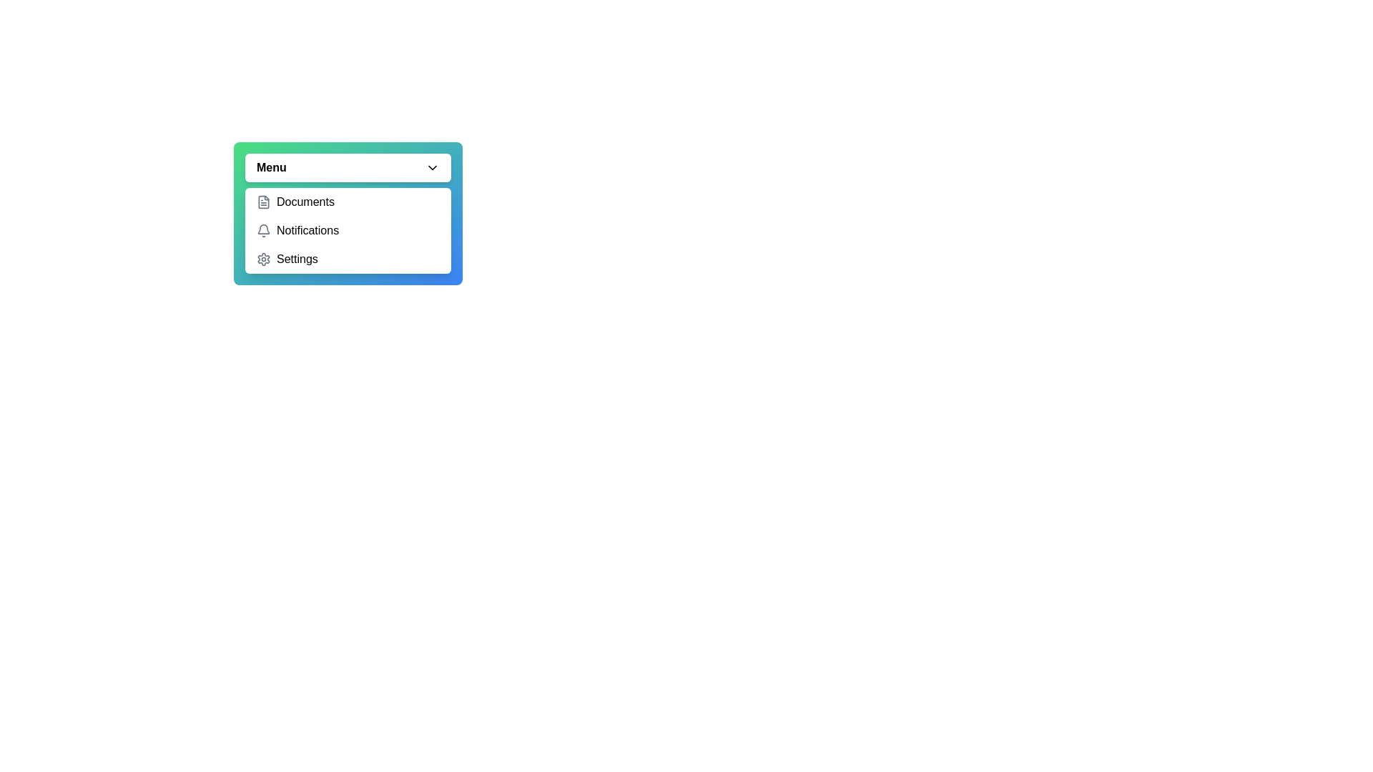  Describe the element at coordinates (264, 228) in the screenshot. I see `the bell icon in the dropdown list, which indicates notifications and is positioned between the Documents and Settings options` at that location.